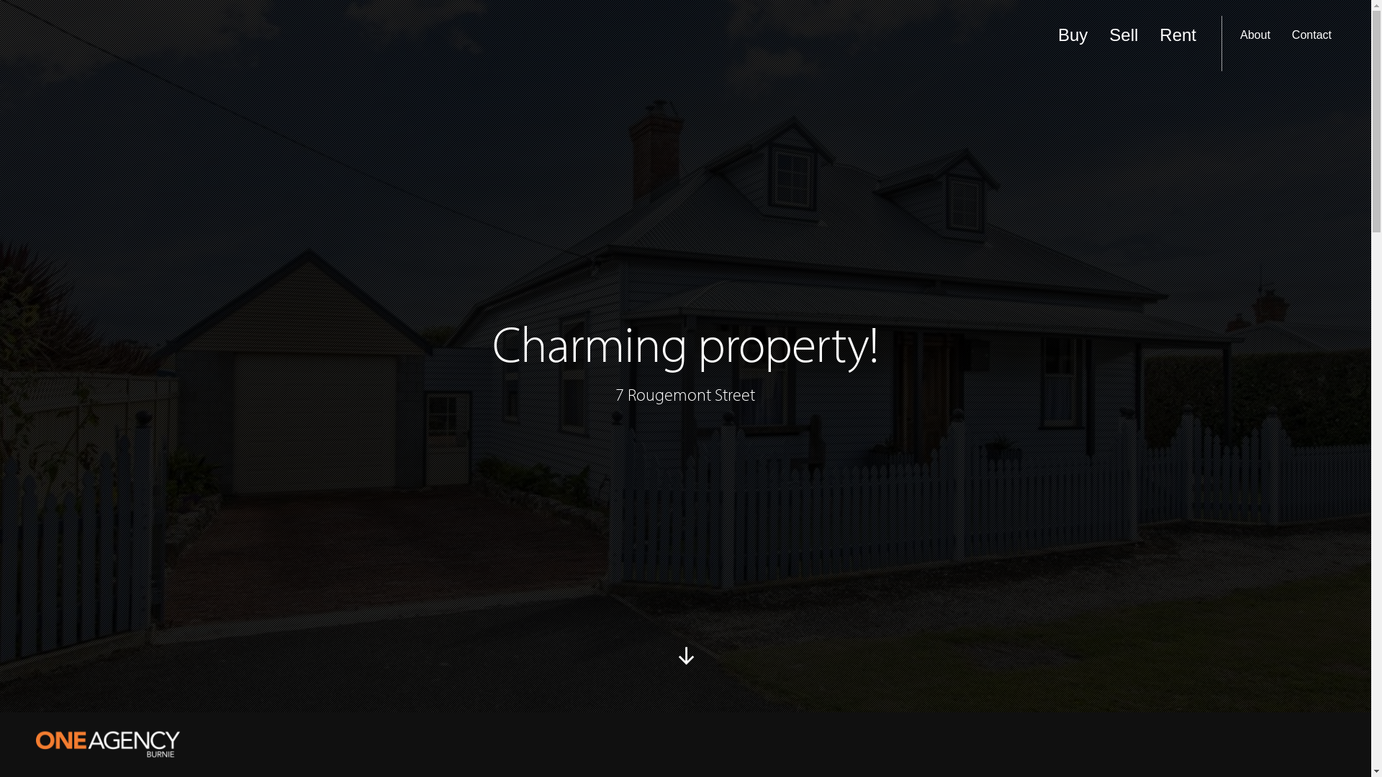 This screenshot has width=1382, height=777. I want to click on 'One Agency Burnie', so click(35, 744).